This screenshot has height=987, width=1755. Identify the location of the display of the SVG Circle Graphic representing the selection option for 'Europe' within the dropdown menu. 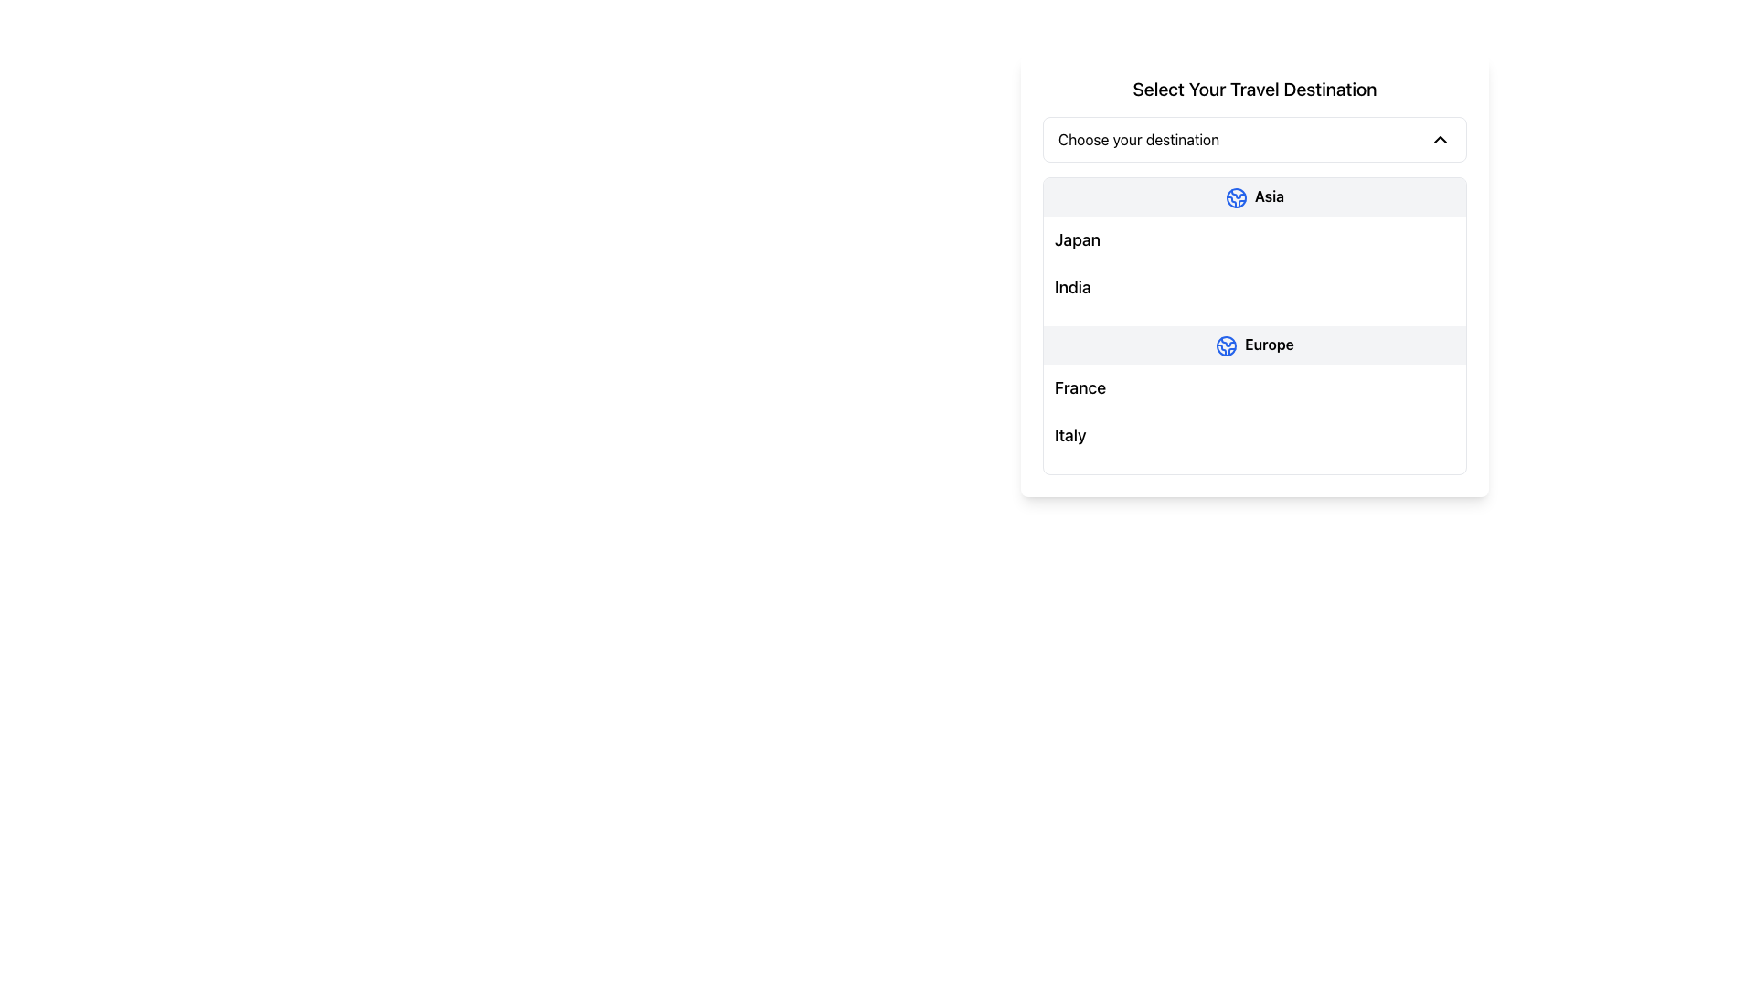
(1236, 197).